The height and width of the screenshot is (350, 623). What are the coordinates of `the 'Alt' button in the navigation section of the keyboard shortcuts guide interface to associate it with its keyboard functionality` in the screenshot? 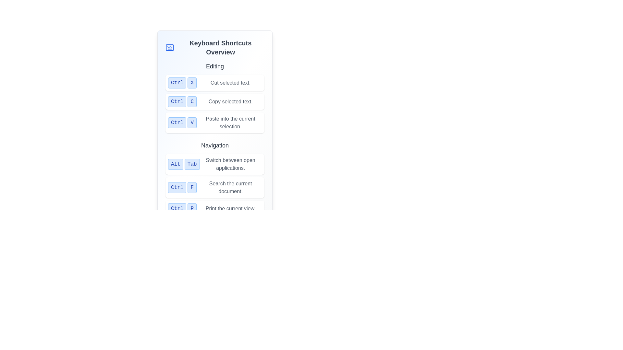 It's located at (176, 164).